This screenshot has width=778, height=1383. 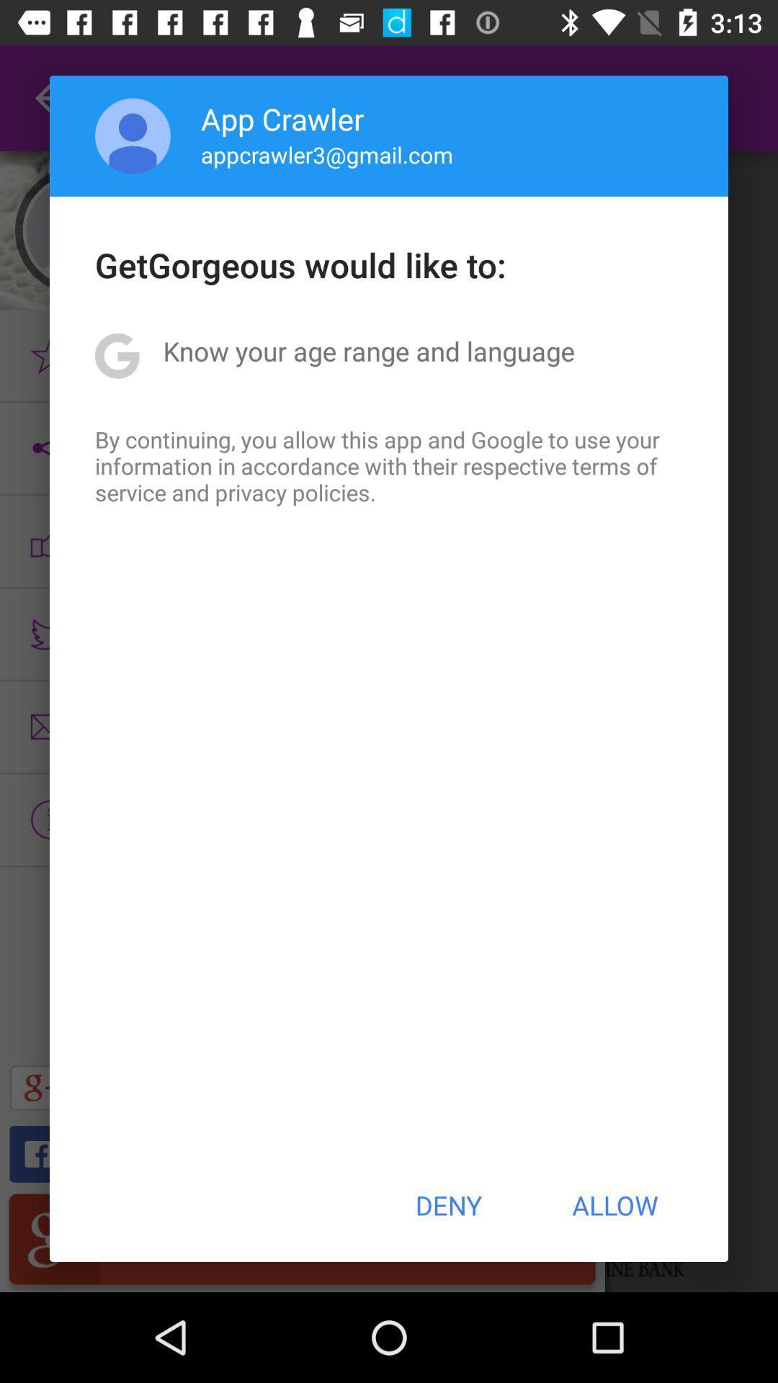 What do you see at coordinates (133, 135) in the screenshot?
I see `icon to the left of app crawler item` at bounding box center [133, 135].